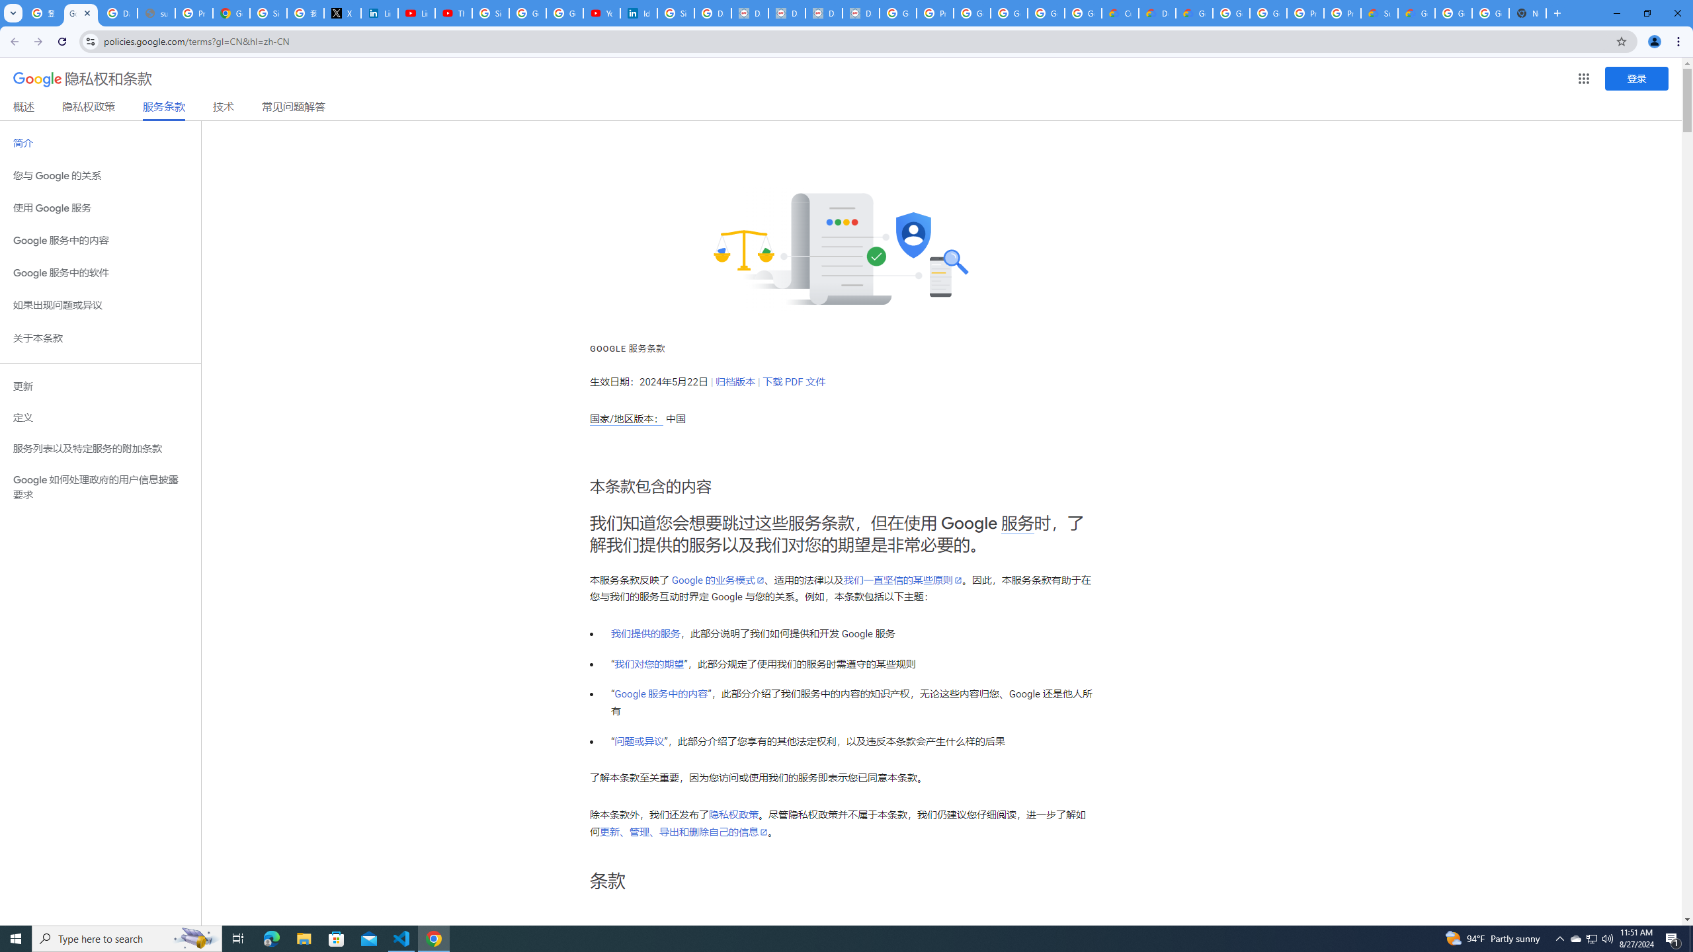 The height and width of the screenshot is (952, 1693). I want to click on 'X', so click(342, 13).